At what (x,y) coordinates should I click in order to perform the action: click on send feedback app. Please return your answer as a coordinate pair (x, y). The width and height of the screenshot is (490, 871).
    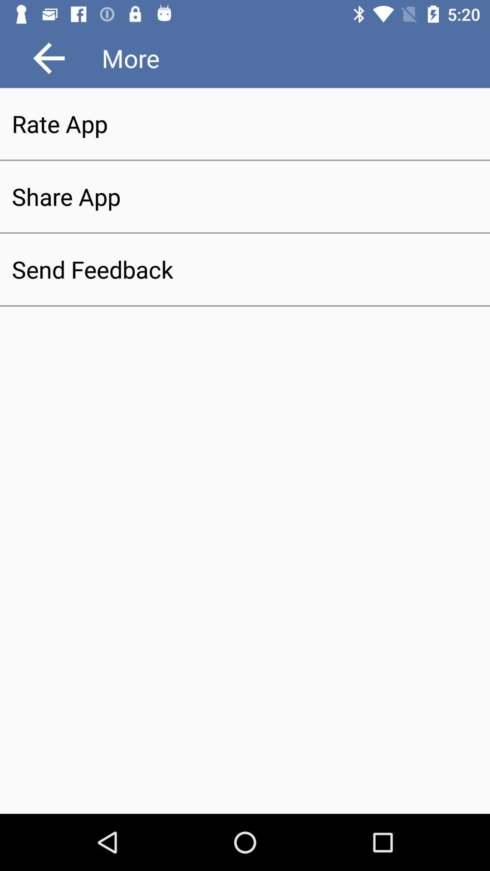
    Looking at the image, I should click on (245, 269).